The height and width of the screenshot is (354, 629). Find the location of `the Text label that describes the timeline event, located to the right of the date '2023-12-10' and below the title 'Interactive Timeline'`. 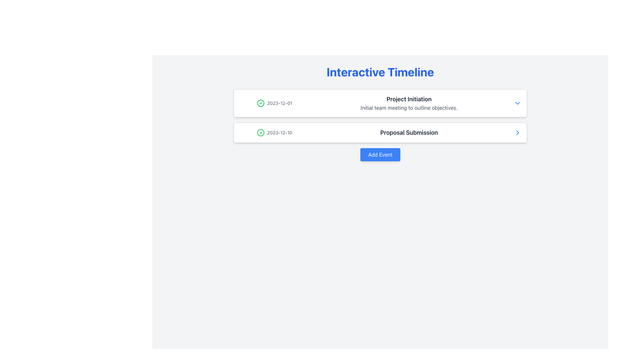

the Text label that describes the timeline event, located to the right of the date '2023-12-10' and below the title 'Interactive Timeline' is located at coordinates (409, 133).